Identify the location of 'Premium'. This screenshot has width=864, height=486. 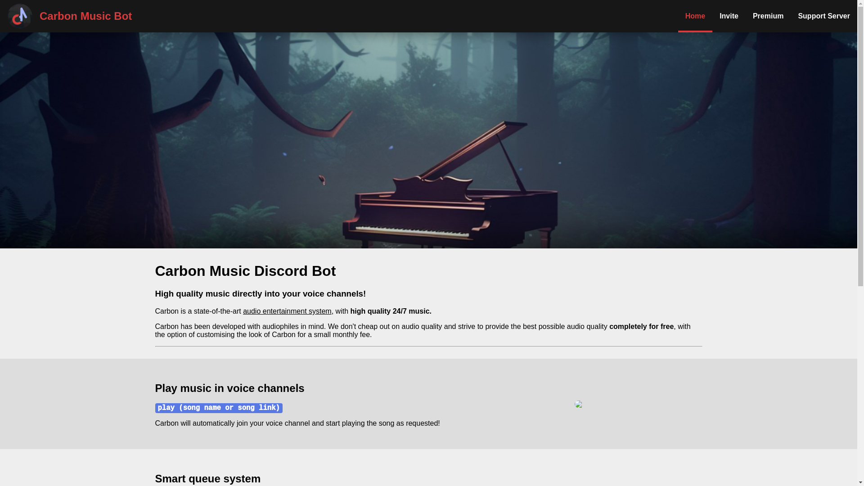
(768, 16).